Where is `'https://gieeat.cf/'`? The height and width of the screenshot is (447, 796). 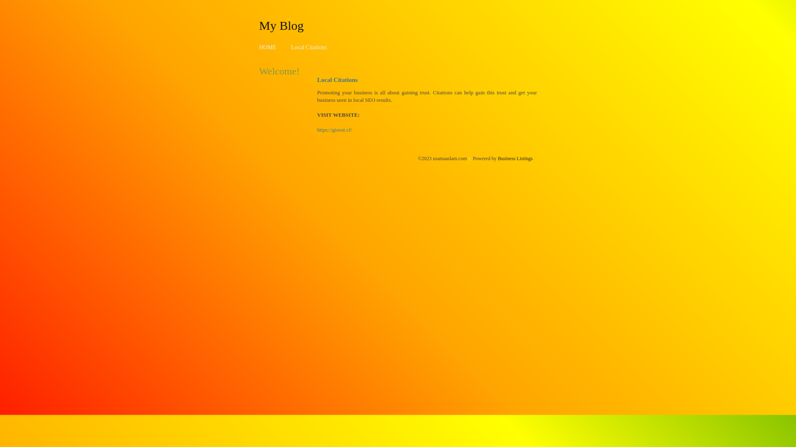
'https://gieeat.cf/' is located at coordinates (334, 130).